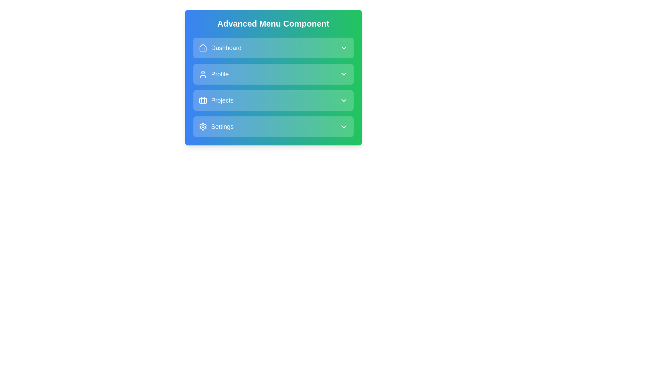 This screenshot has height=373, width=663. Describe the element at coordinates (202, 74) in the screenshot. I see `the Profile icon located to the left of the 'Profile' text label` at that location.